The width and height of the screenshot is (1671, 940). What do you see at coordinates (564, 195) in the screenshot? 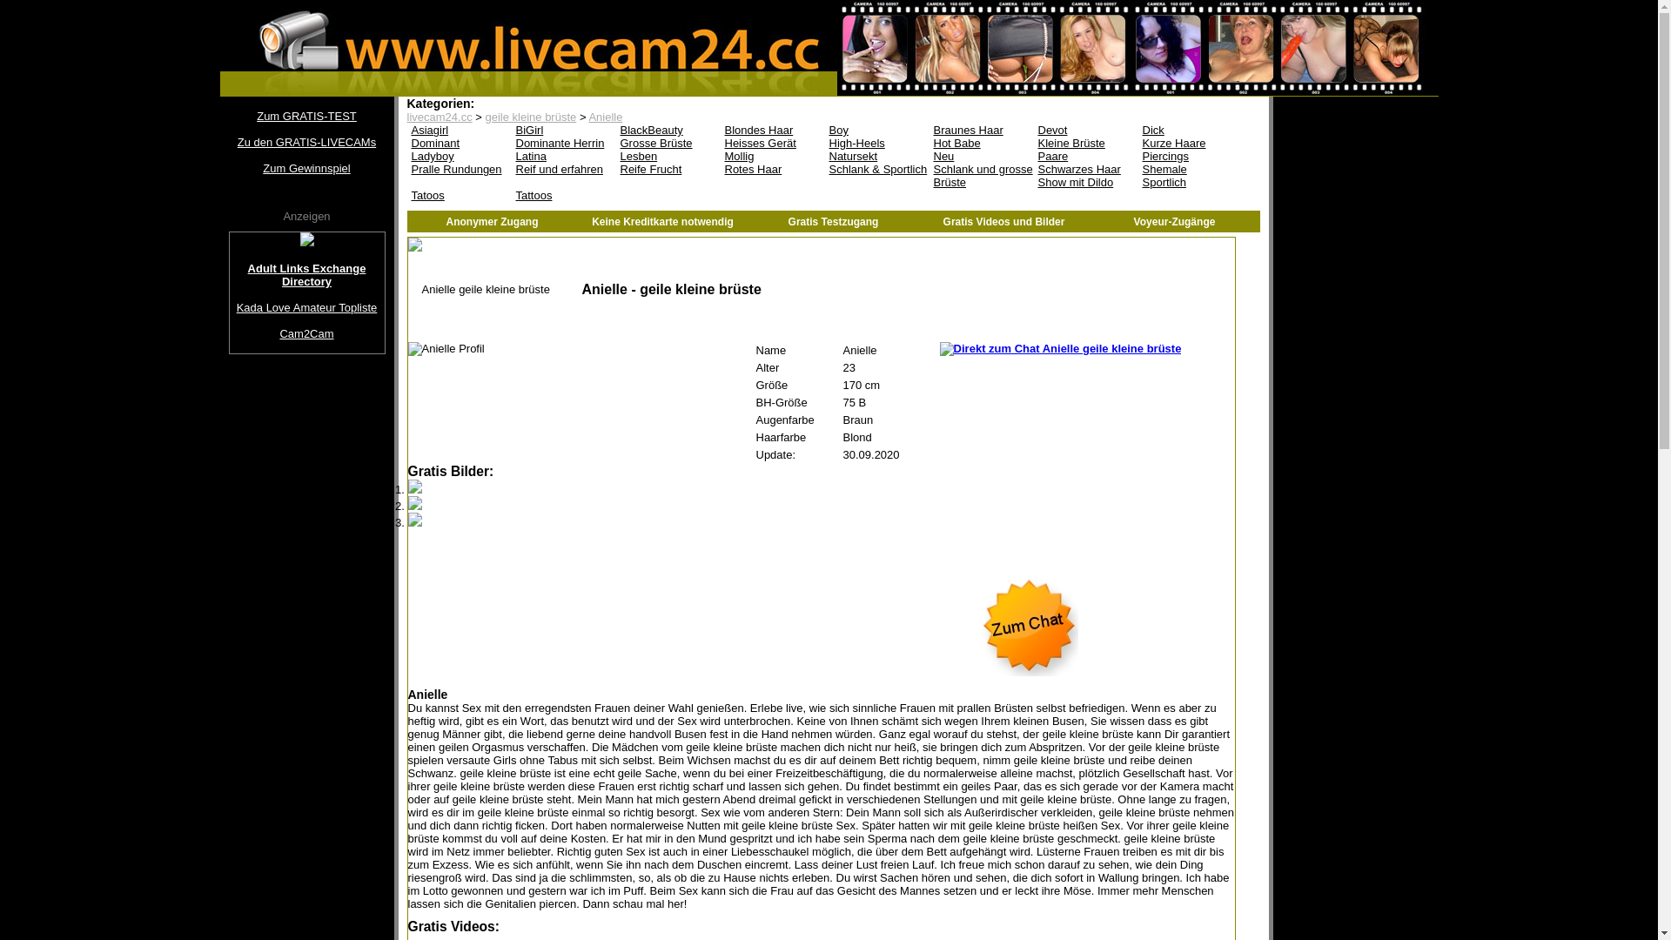
I see `'Tattoos'` at bounding box center [564, 195].